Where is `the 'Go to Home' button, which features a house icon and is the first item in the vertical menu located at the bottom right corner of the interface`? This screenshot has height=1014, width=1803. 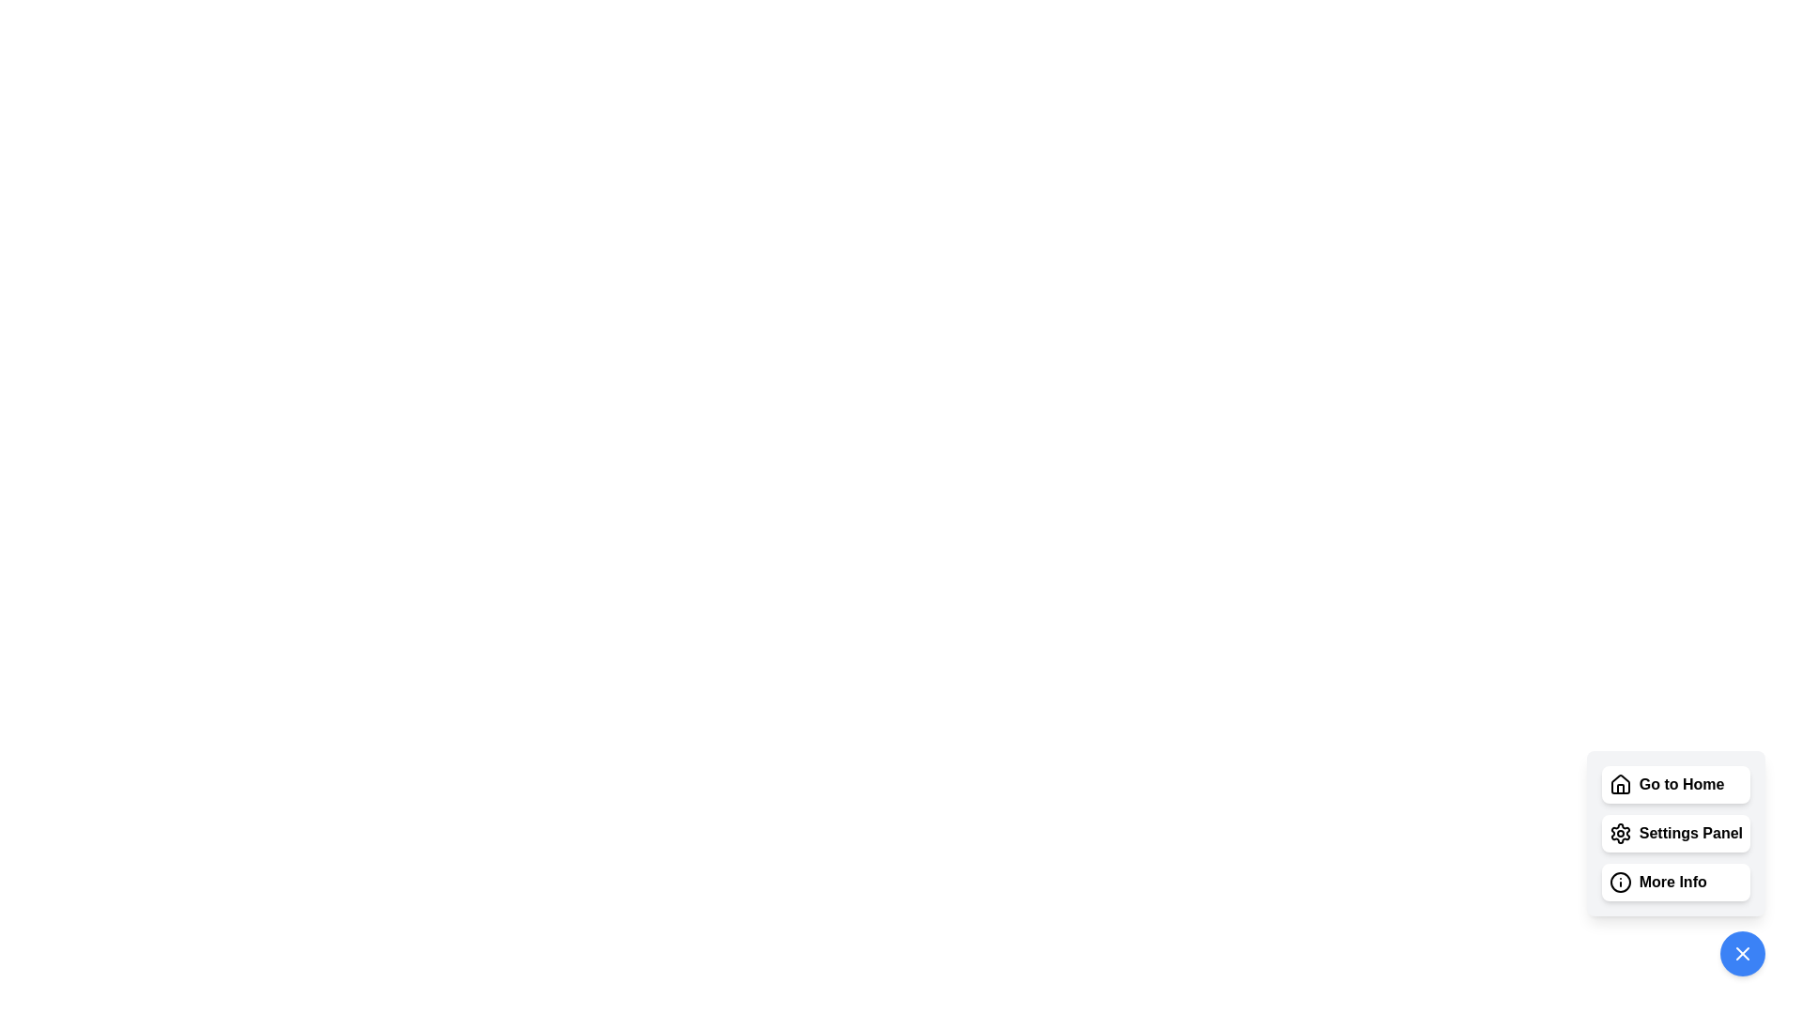 the 'Go to Home' button, which features a house icon and is the first item in the vertical menu located at the bottom right corner of the interface is located at coordinates (1675, 785).